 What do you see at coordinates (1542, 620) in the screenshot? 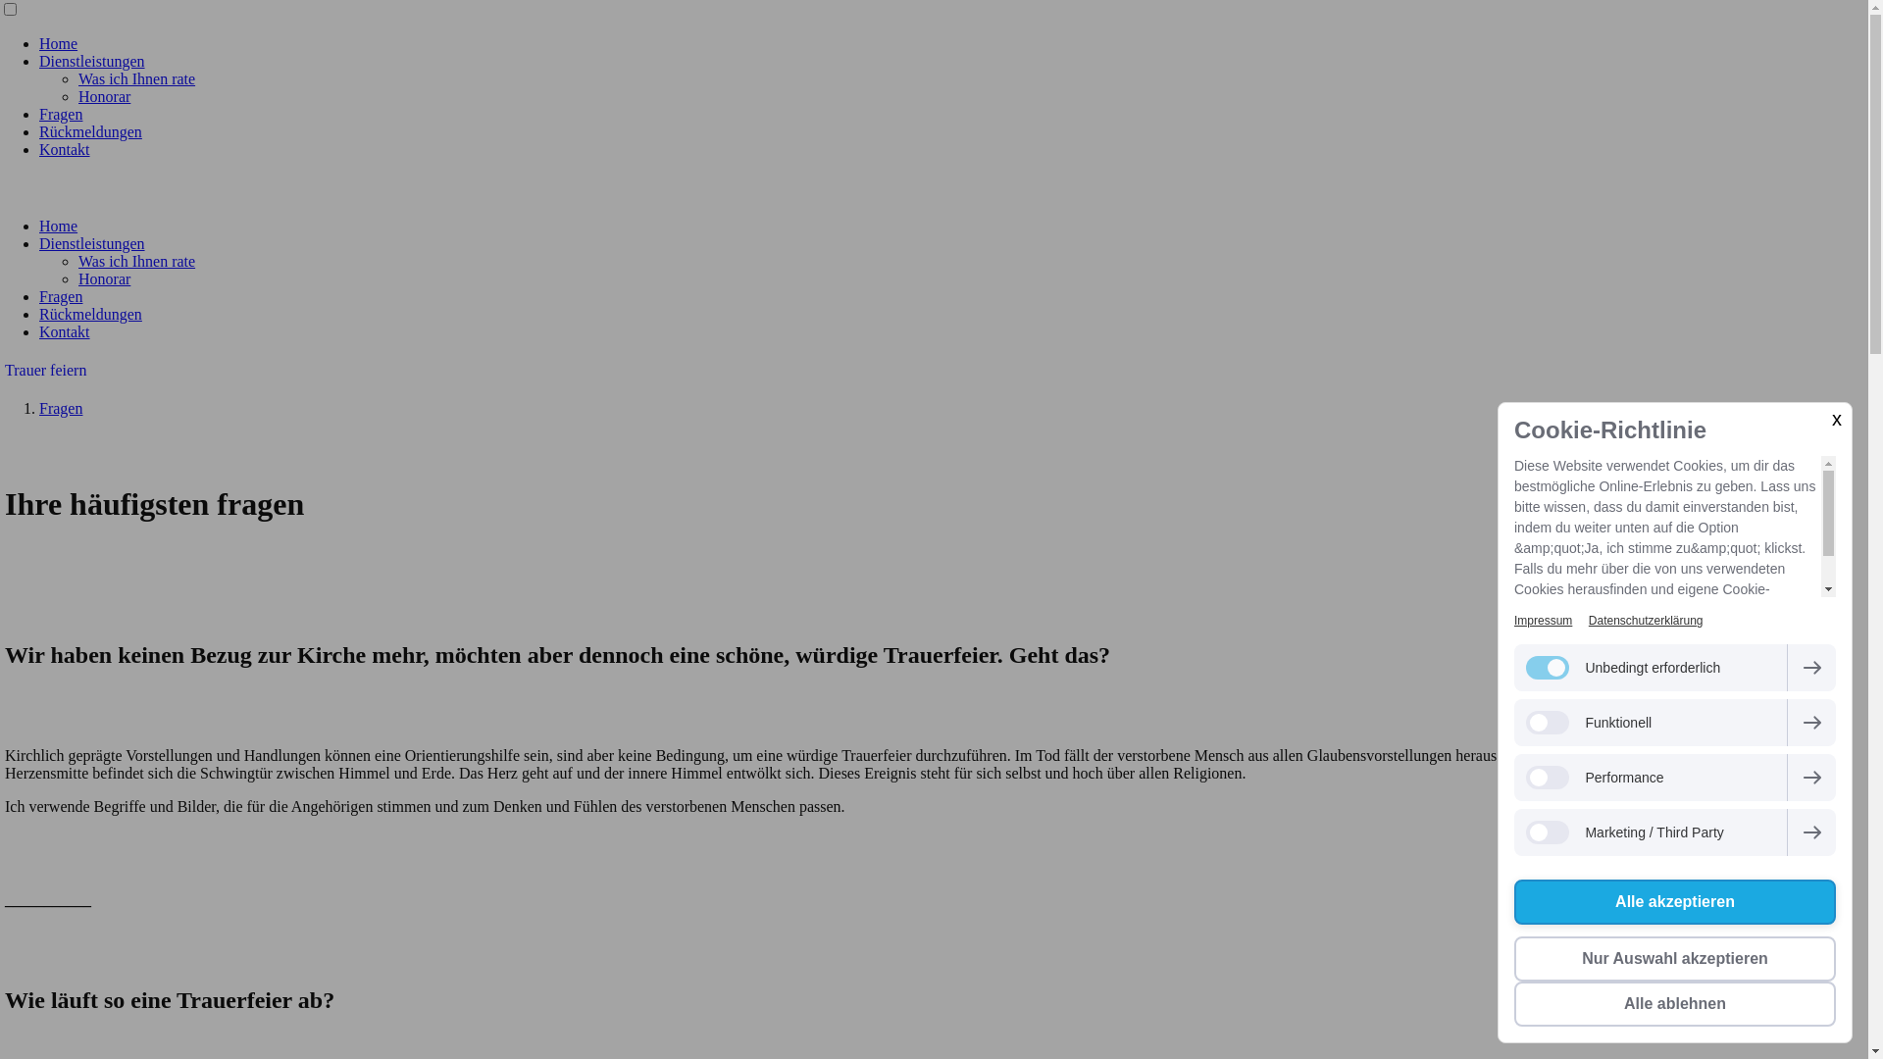
I see `'Impressum'` at bounding box center [1542, 620].